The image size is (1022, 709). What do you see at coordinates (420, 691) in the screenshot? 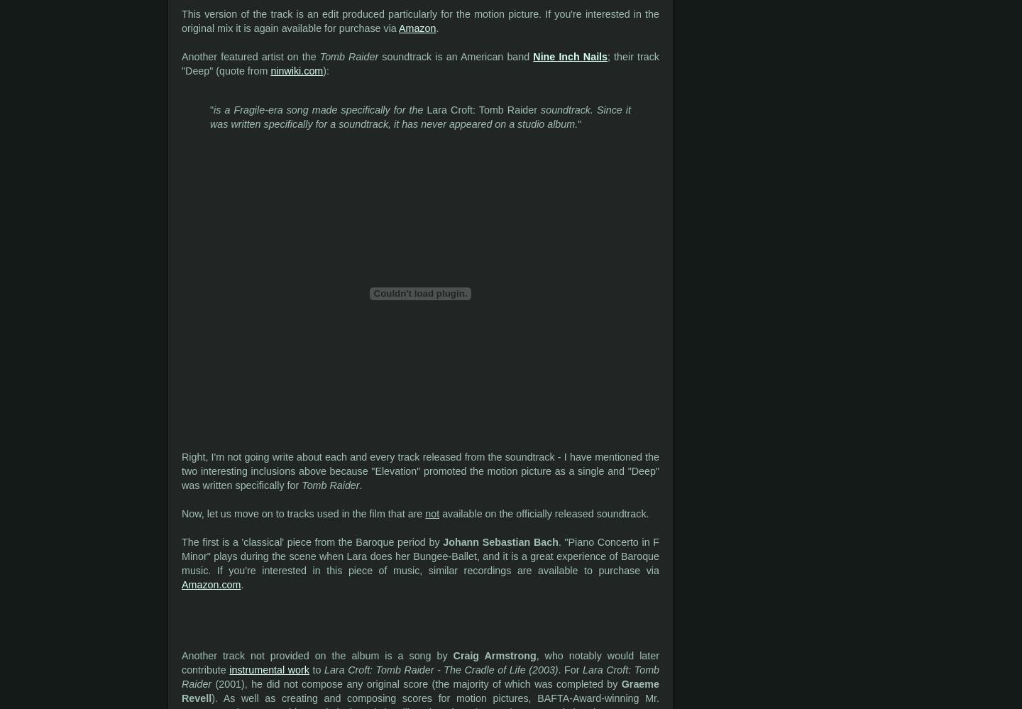
I see `'Graeme Revell'` at bounding box center [420, 691].